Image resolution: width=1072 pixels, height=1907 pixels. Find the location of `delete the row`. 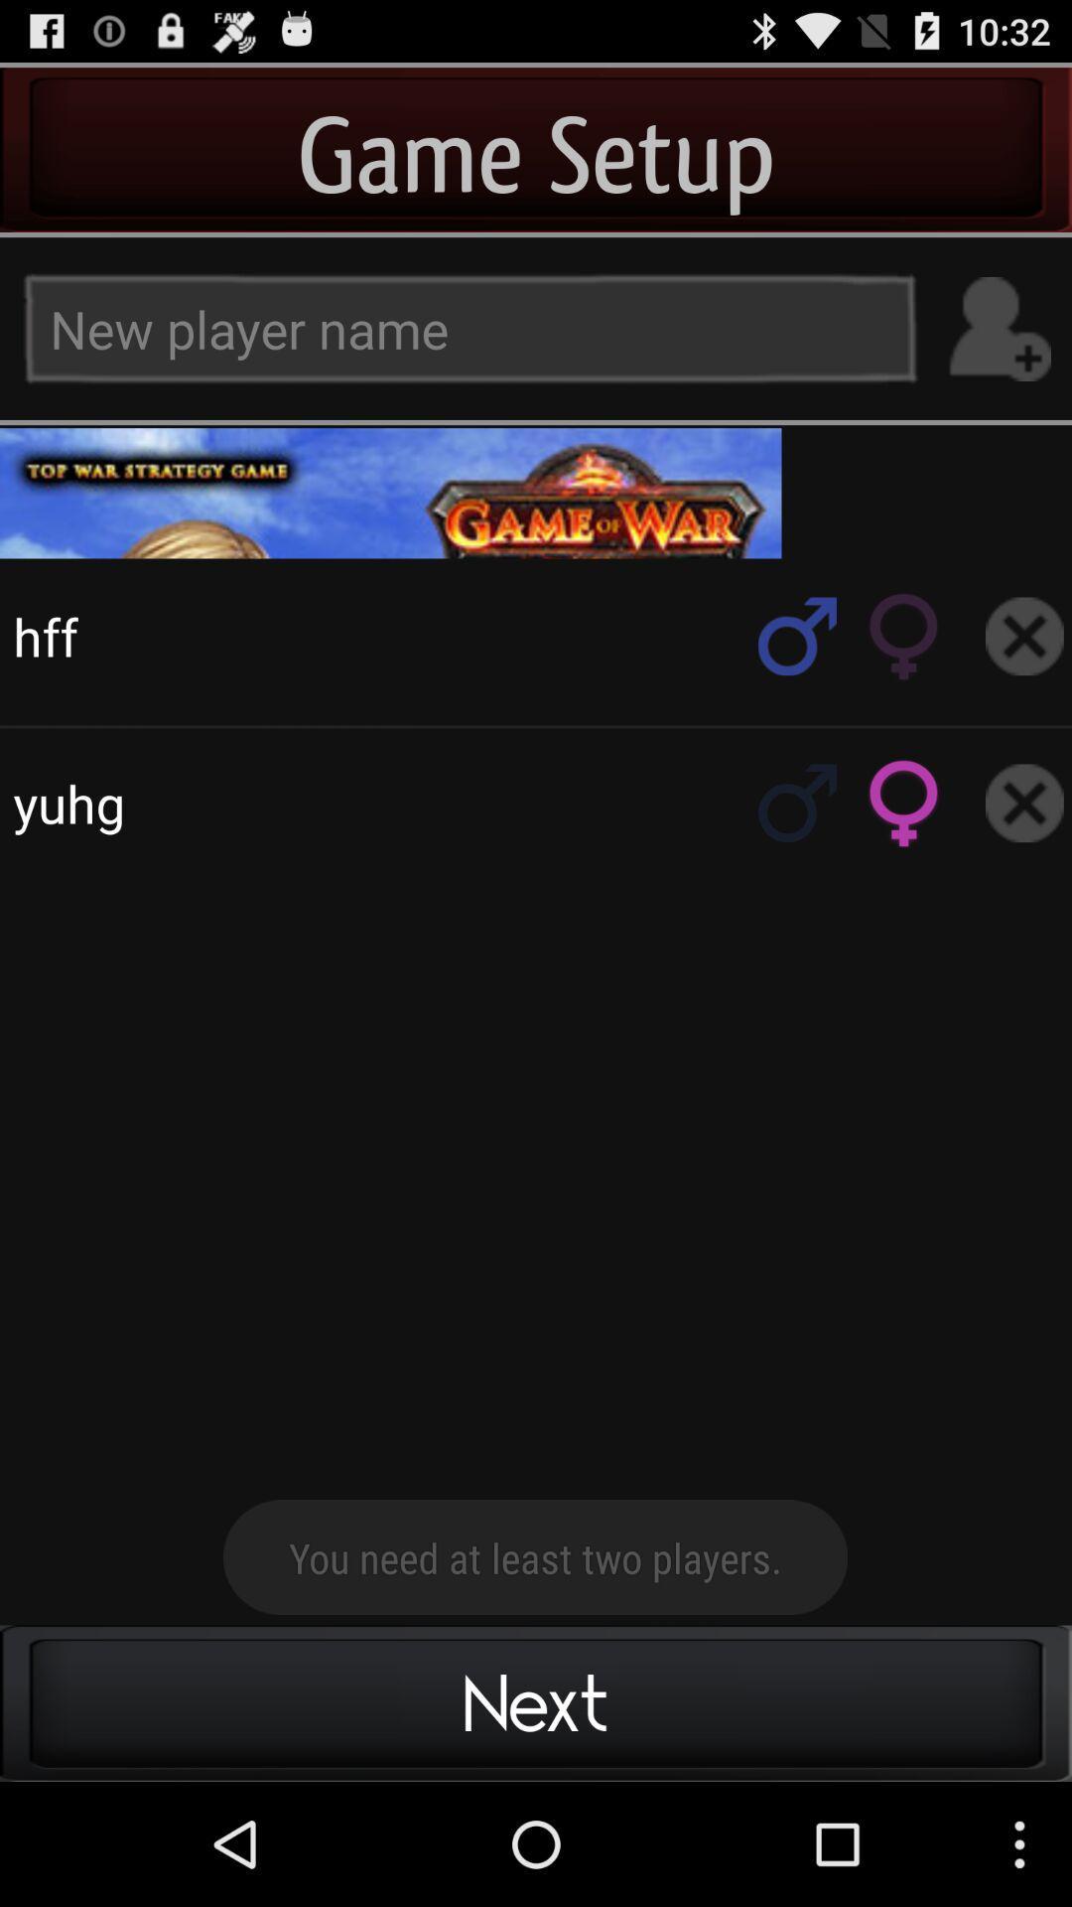

delete the row is located at coordinates (1024, 803).